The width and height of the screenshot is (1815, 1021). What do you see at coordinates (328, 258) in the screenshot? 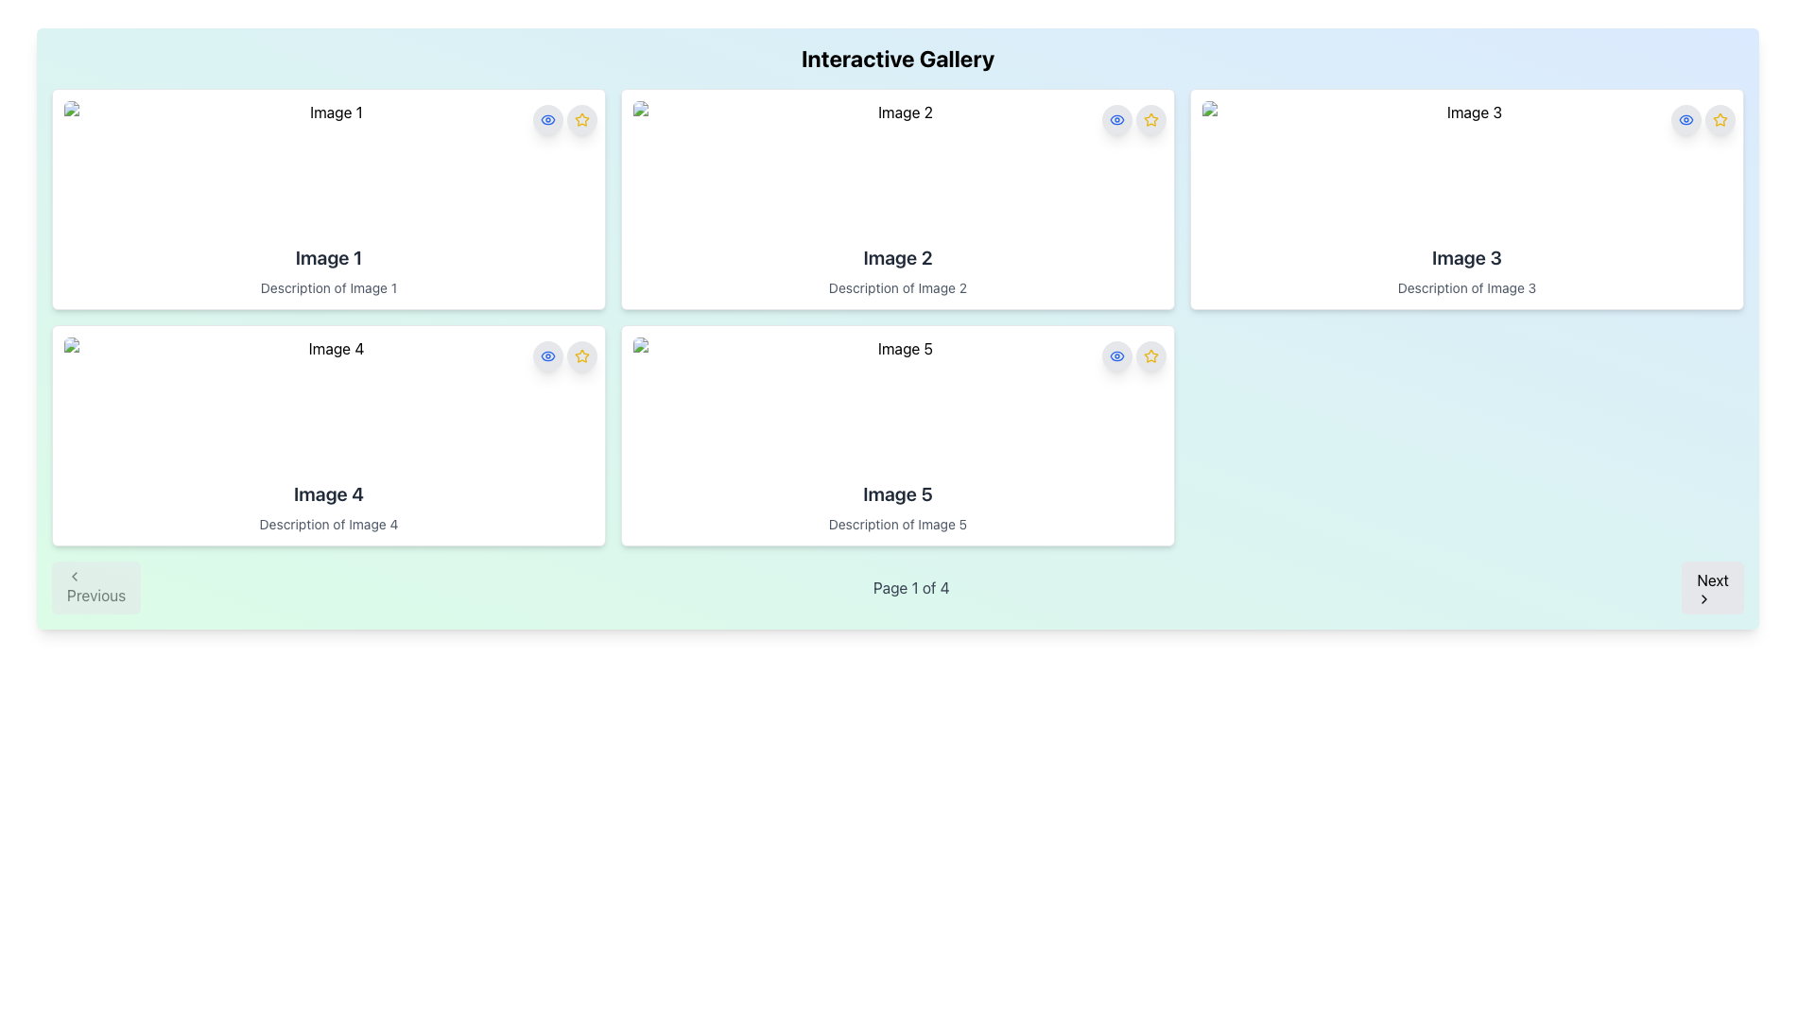
I see `text content of the Text Label that serves as a title or identifier for the associated image, positioned at the top of the first column in the grid layout` at bounding box center [328, 258].